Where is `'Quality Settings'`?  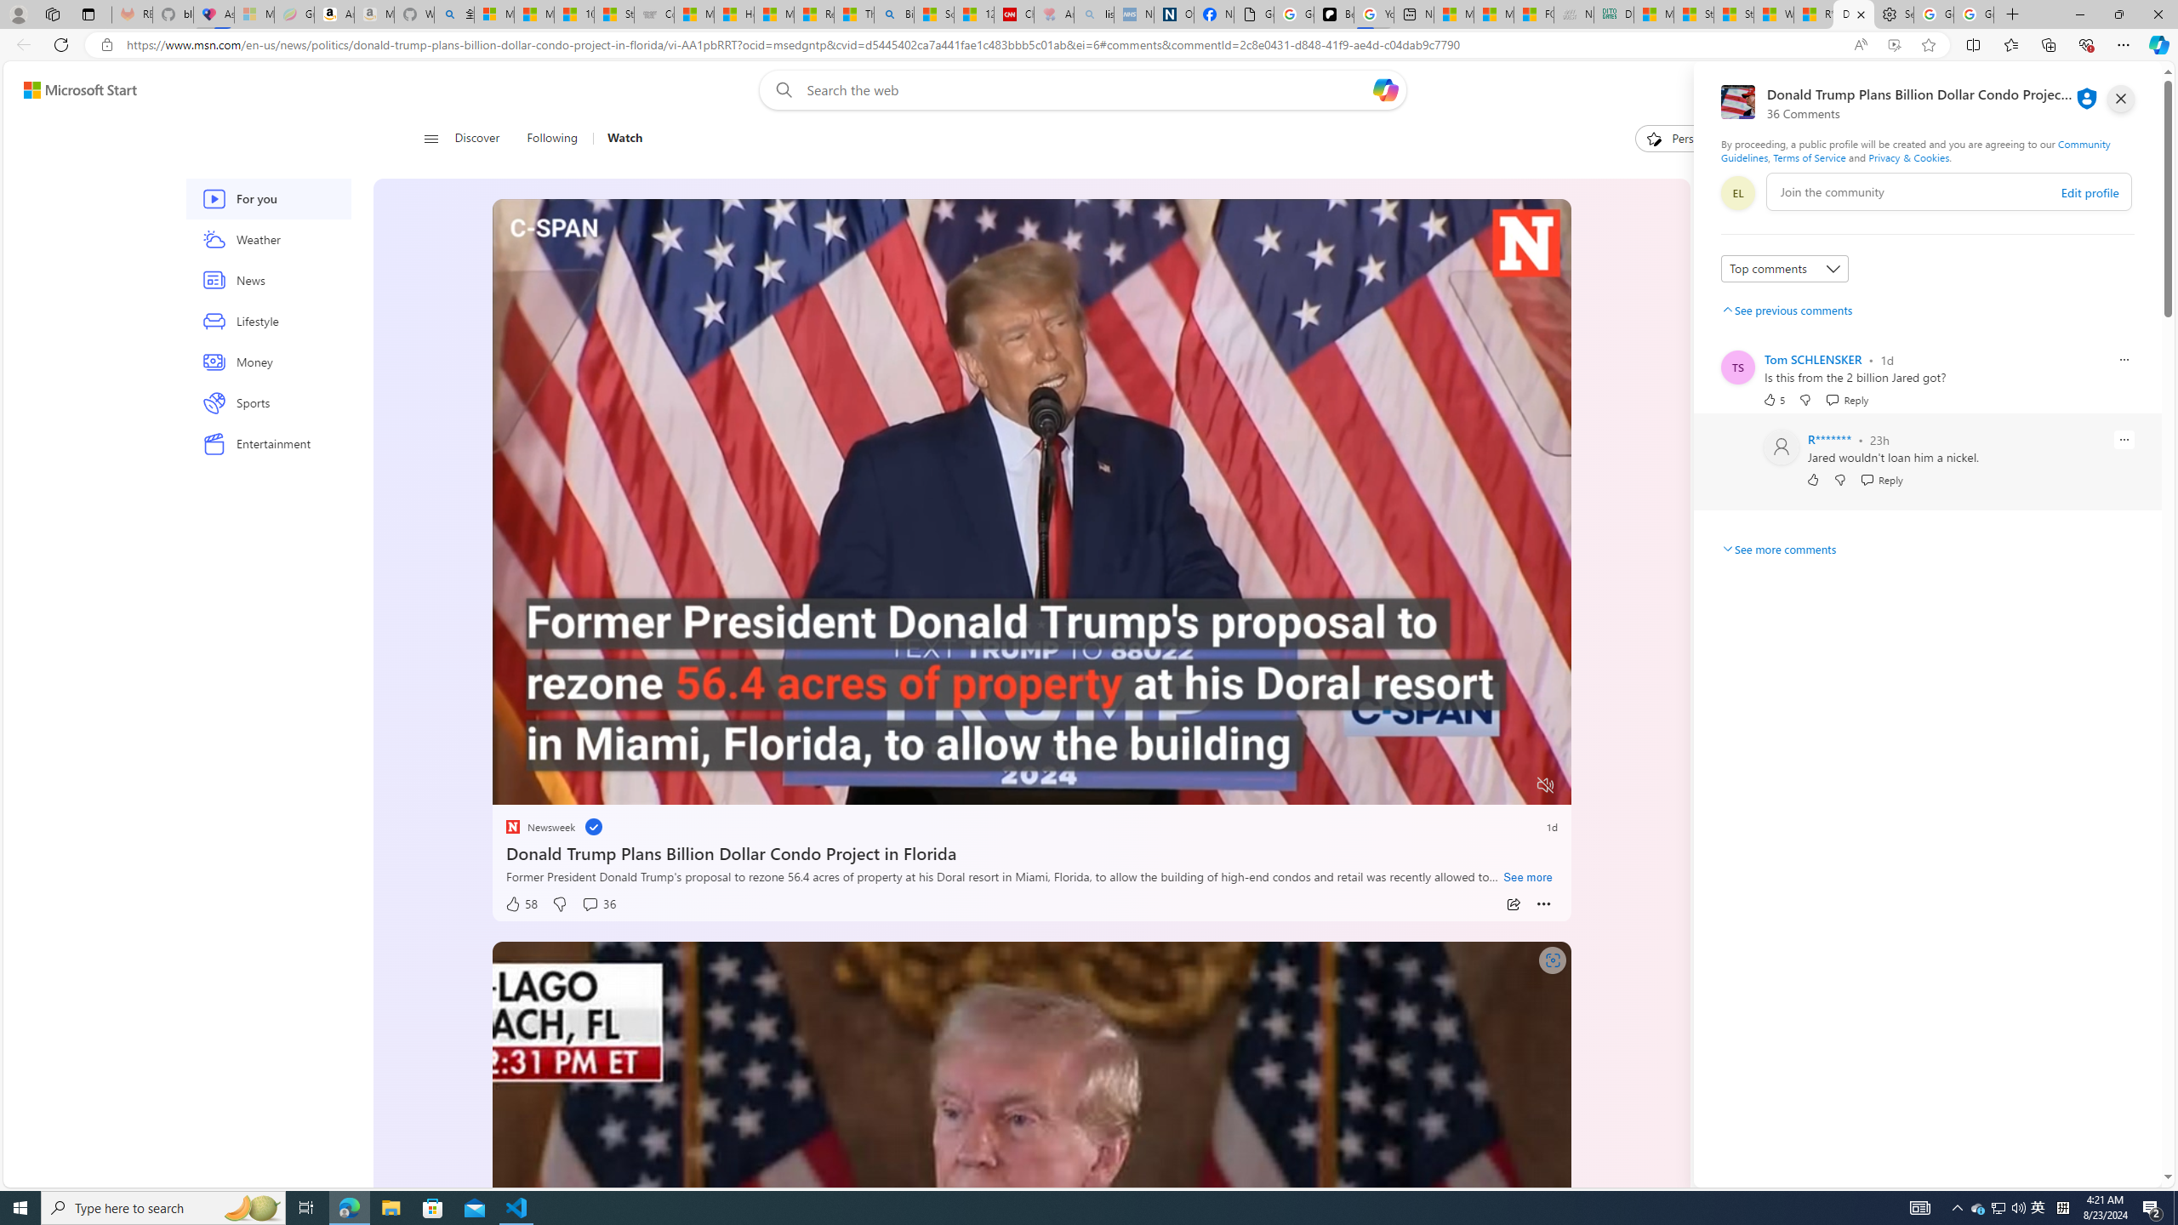 'Quality Settings' is located at coordinates (1443, 785).